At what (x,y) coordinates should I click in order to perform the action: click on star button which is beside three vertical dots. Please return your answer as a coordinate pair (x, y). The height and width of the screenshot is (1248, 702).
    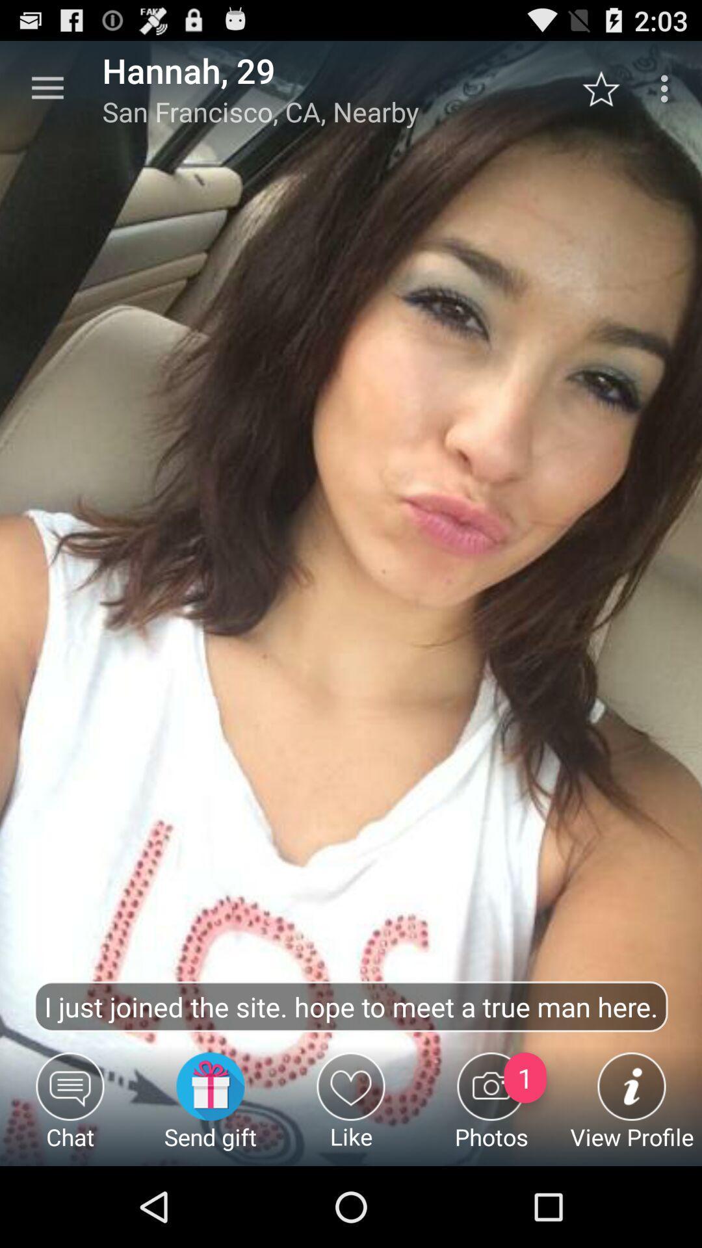
    Looking at the image, I should click on (608, 88).